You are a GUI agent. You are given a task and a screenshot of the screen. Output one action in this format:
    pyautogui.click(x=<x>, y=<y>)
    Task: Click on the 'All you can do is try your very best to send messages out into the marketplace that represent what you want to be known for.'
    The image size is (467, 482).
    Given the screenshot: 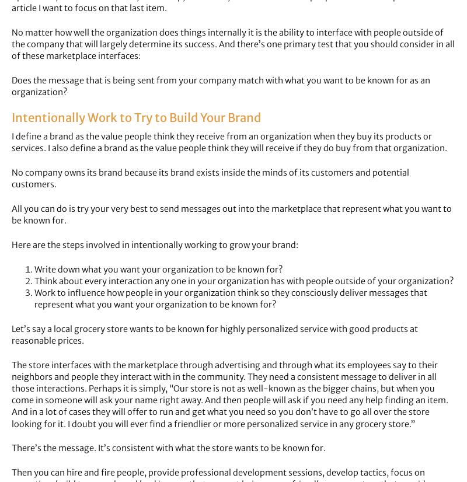 What is the action you would take?
    pyautogui.click(x=231, y=214)
    